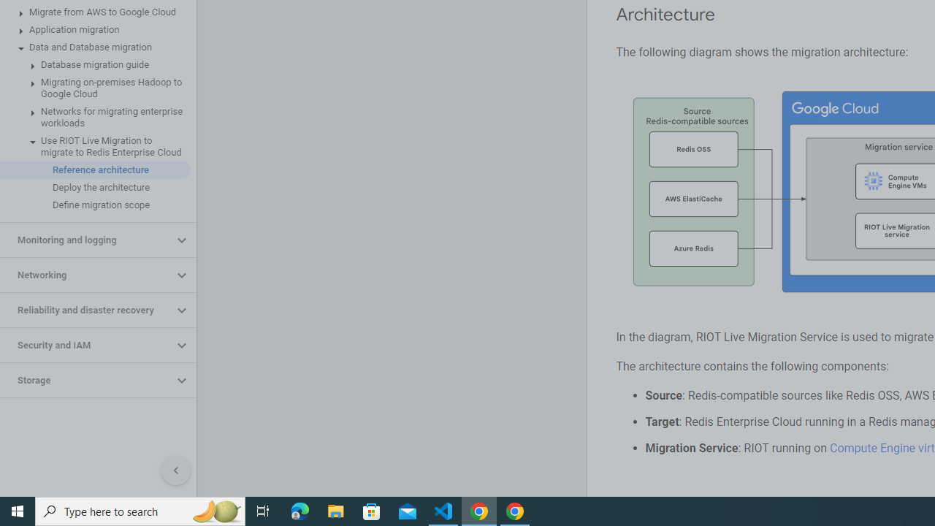 The width and height of the screenshot is (935, 526). I want to click on 'Copy link to this section: Architecture', so click(729, 15).